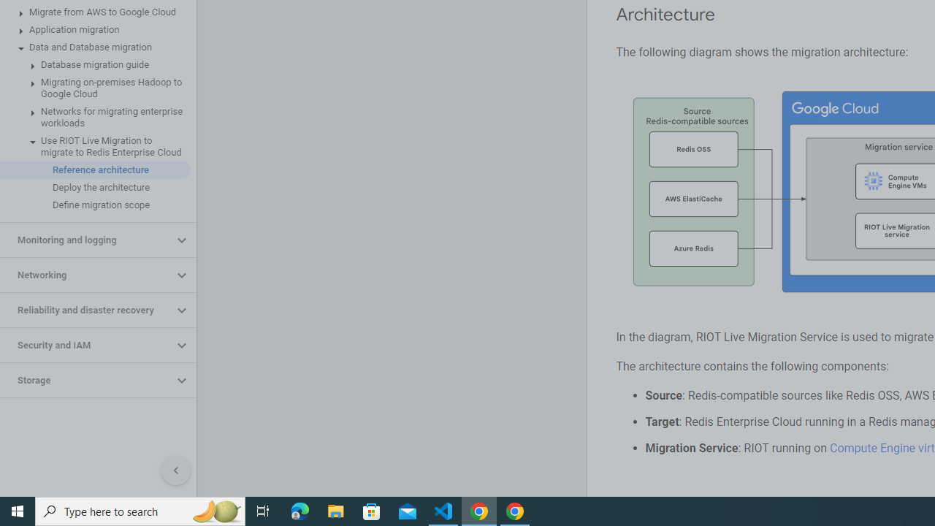 The width and height of the screenshot is (935, 526). I want to click on 'Copy link to this section: Architecture', so click(729, 15).